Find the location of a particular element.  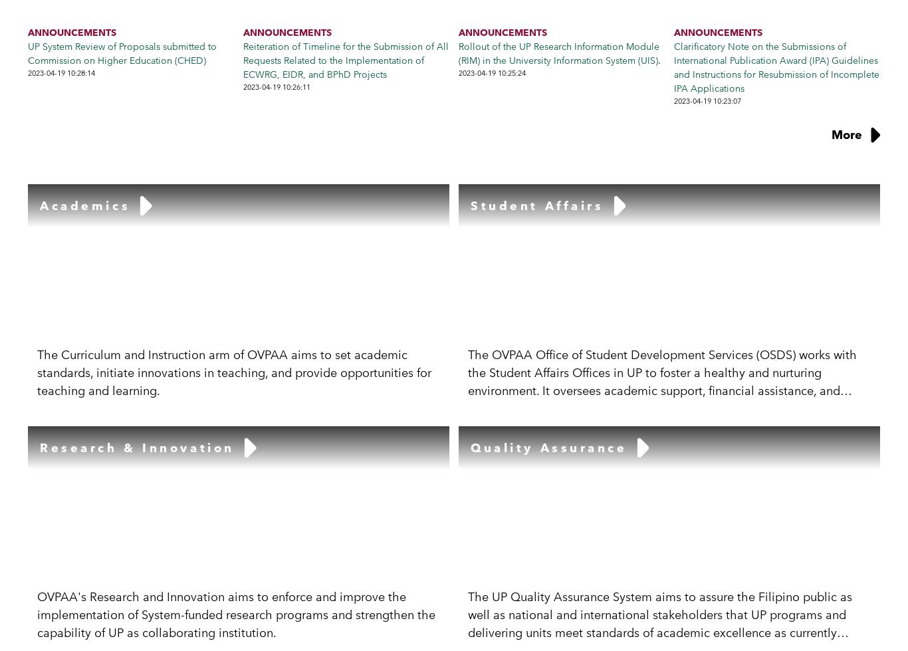

'Academics' is located at coordinates (39, 205).